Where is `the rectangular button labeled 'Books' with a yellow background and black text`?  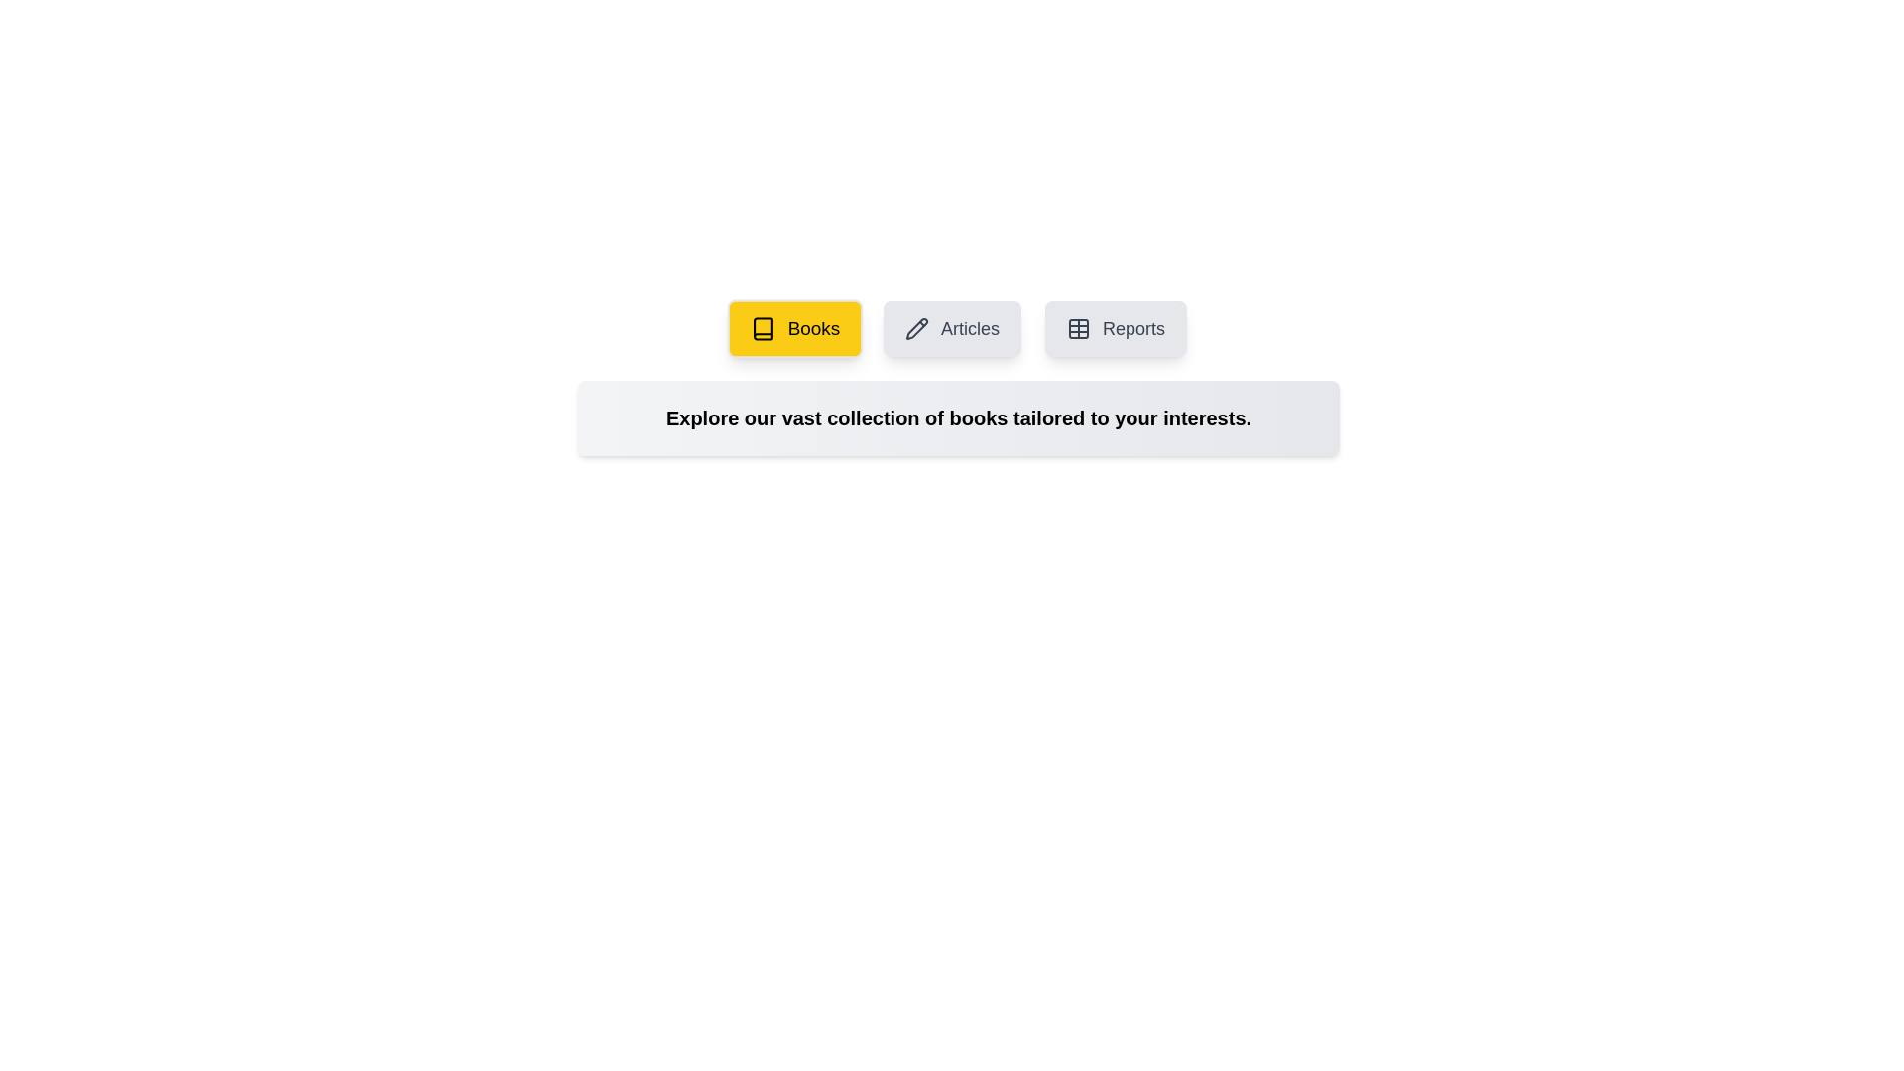
the rectangular button labeled 'Books' with a yellow background and black text is located at coordinates (794, 327).